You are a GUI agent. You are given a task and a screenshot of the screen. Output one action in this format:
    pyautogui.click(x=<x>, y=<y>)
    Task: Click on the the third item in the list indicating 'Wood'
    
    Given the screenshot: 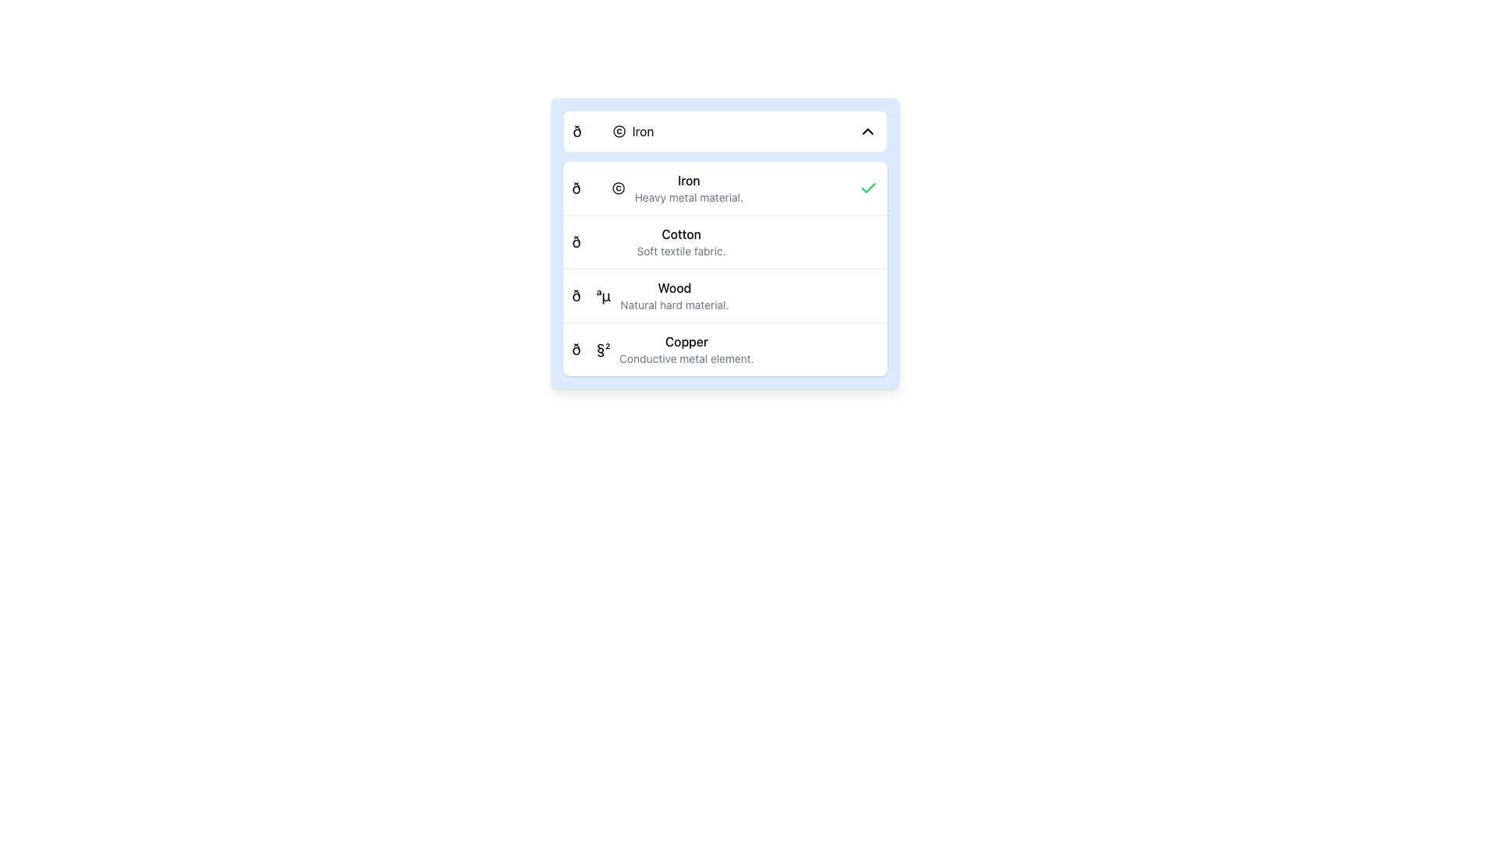 What is the action you would take?
    pyautogui.click(x=724, y=295)
    